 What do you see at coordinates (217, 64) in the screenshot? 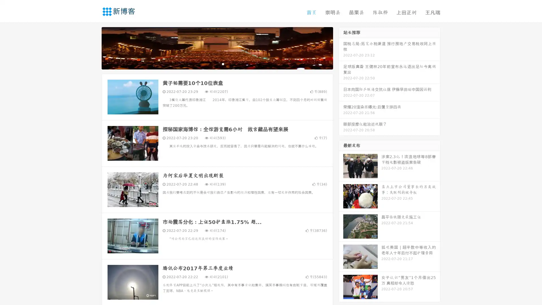
I see `Go to slide 2` at bounding box center [217, 64].